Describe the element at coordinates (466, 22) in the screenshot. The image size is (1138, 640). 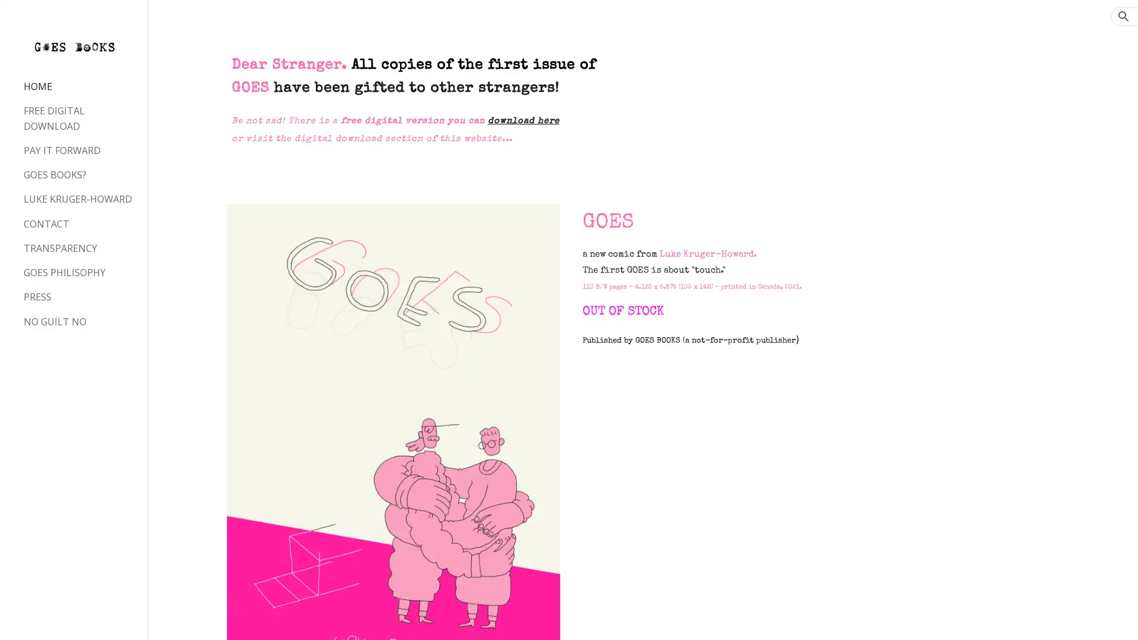
I see `Skip to main content` at that location.